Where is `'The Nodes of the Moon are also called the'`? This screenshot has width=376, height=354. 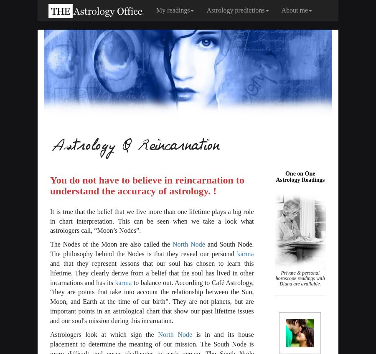
'The Nodes of the Moon are also called the' is located at coordinates (111, 244).